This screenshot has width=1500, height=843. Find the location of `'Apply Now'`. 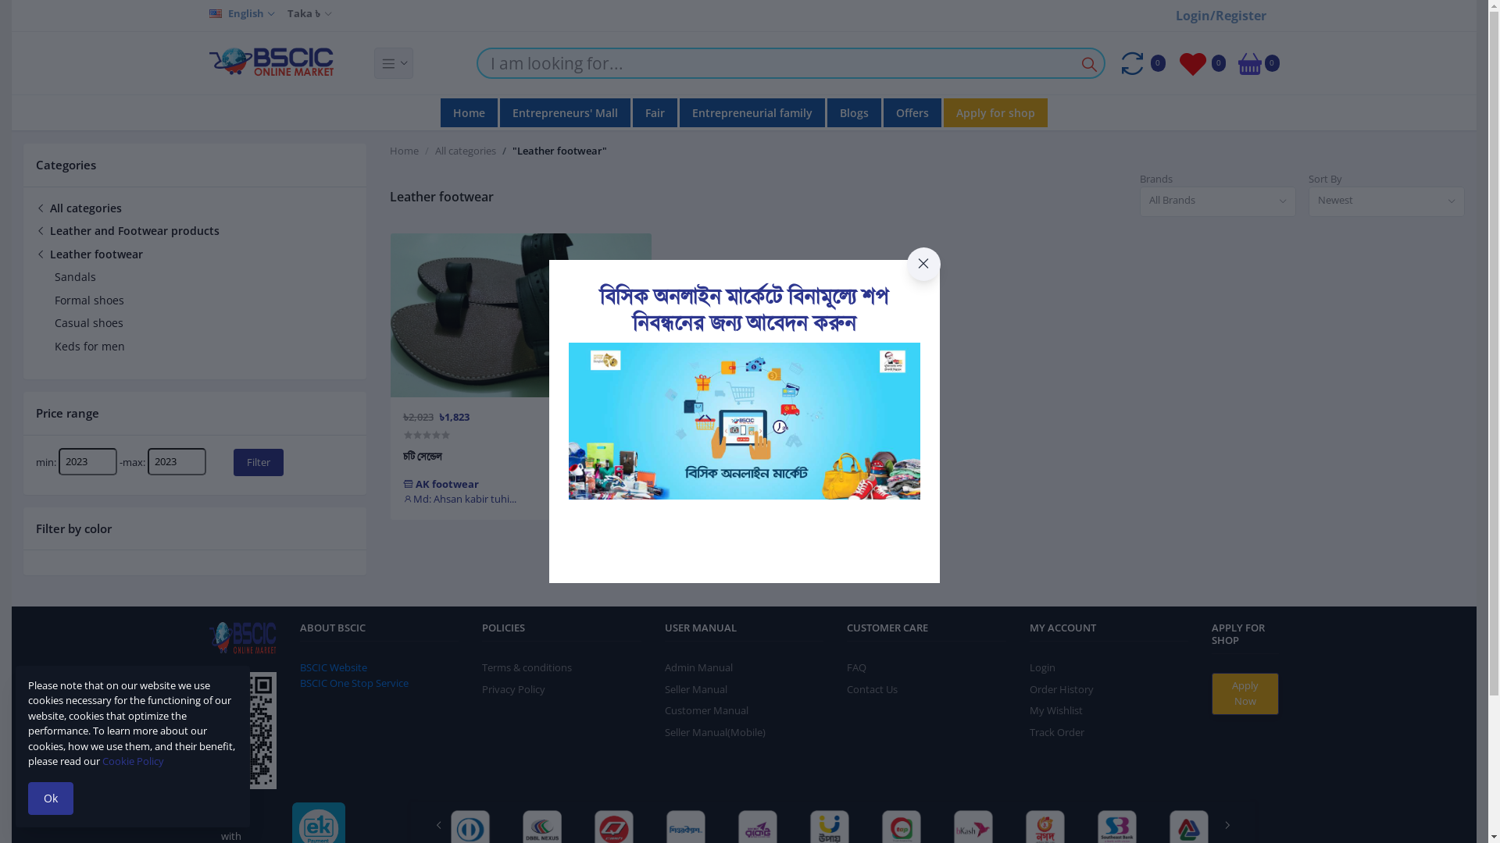

'Apply Now' is located at coordinates (1210, 692).